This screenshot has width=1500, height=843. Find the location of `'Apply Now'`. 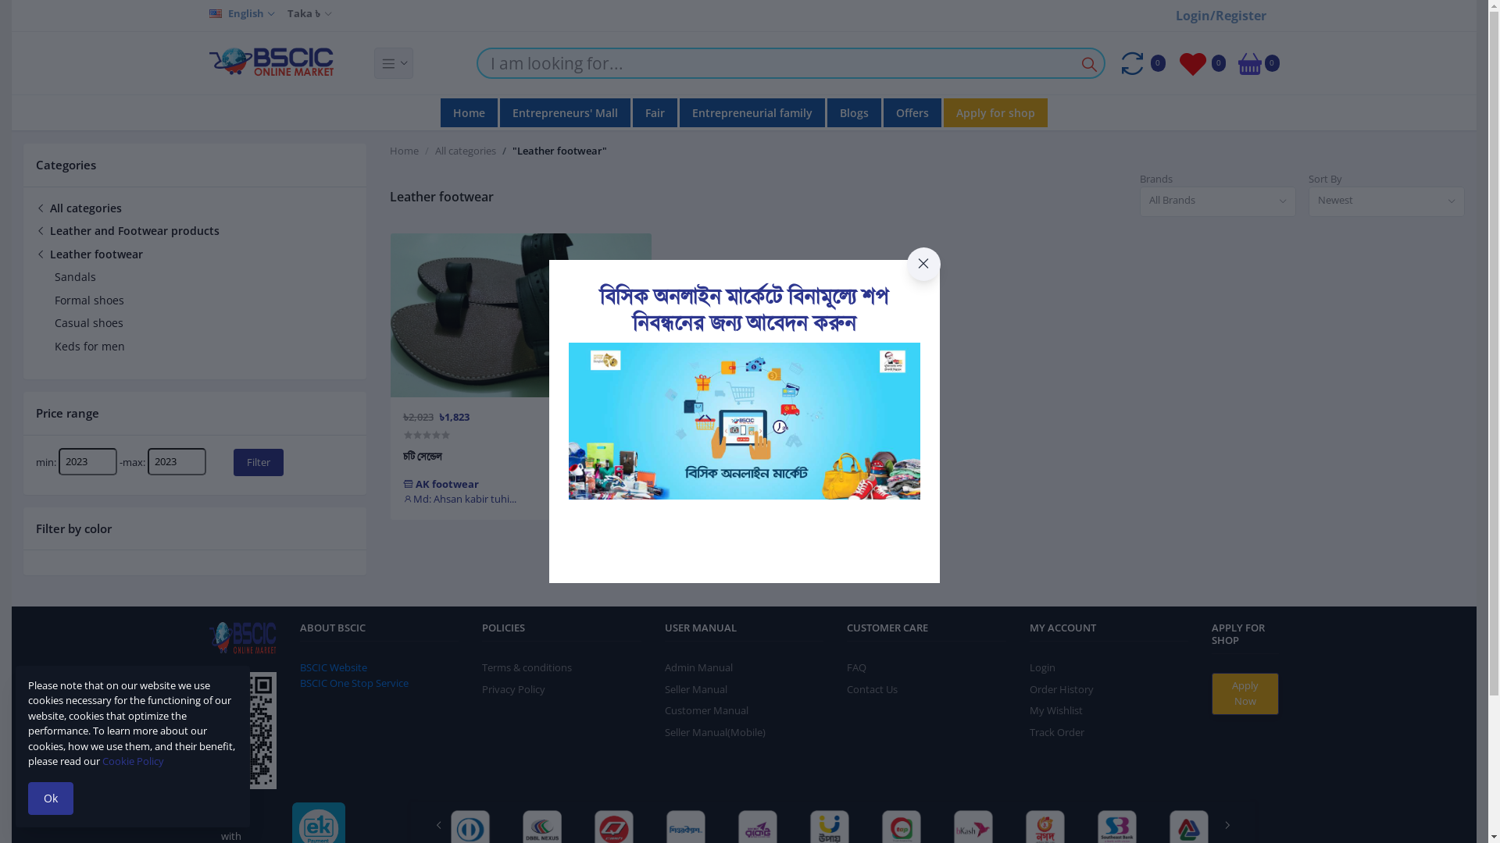

'Apply Now' is located at coordinates (1210, 692).